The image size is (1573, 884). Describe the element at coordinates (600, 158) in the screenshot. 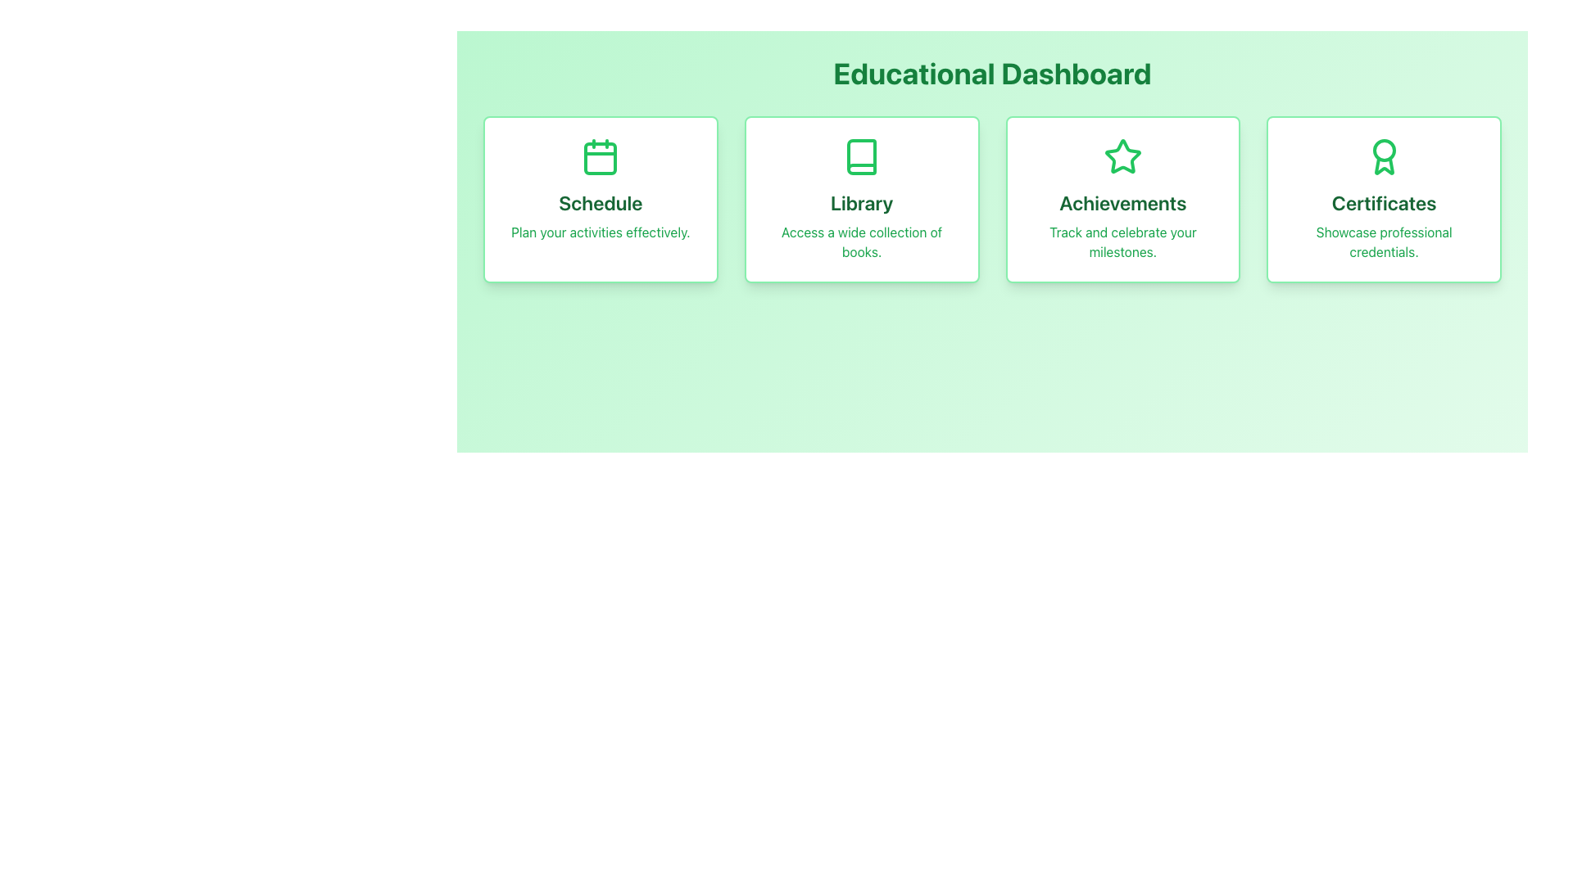

I see `the white rectangle with rounded corners embedded in the green calendar icon located in the 'Schedule' section` at that location.